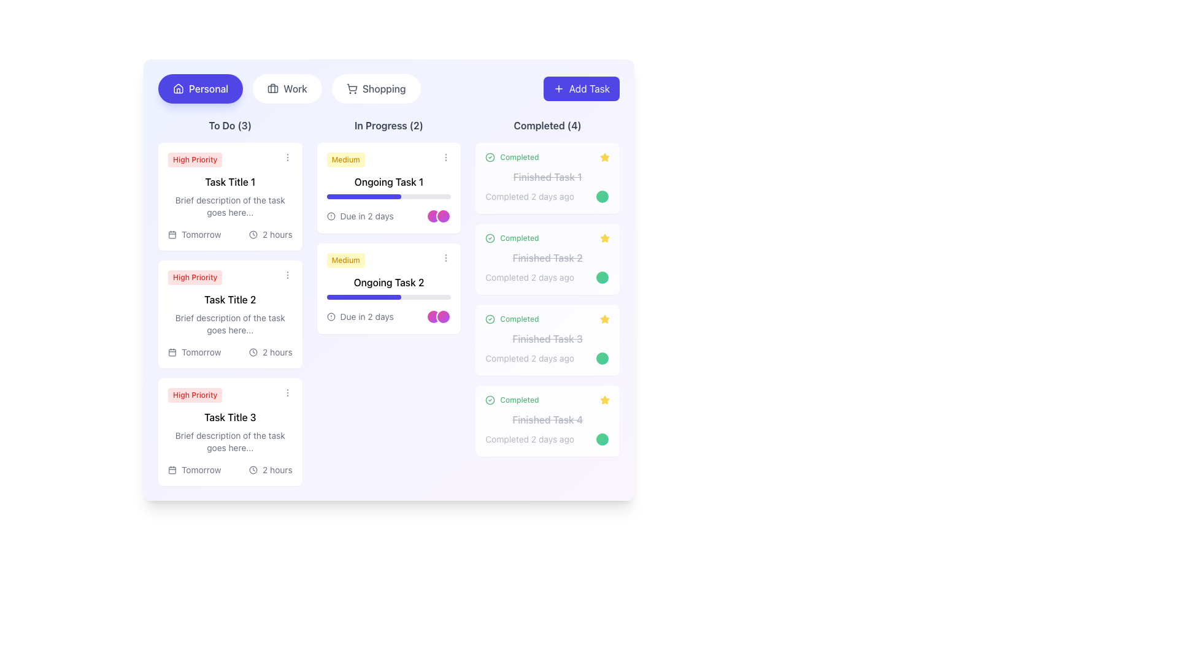 The width and height of the screenshot is (1178, 662). I want to click on the circular decorative UI element with a gradient filling from pink to purple and a white border, located at the bottom-right corner of the 'Ongoing Task 2' card under the 'In Progress' column, so click(434, 316).